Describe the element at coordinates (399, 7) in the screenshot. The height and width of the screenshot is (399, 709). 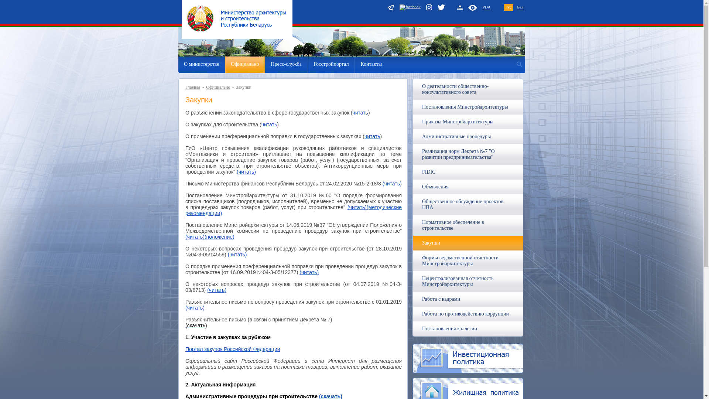
I see `'facebook'` at that location.